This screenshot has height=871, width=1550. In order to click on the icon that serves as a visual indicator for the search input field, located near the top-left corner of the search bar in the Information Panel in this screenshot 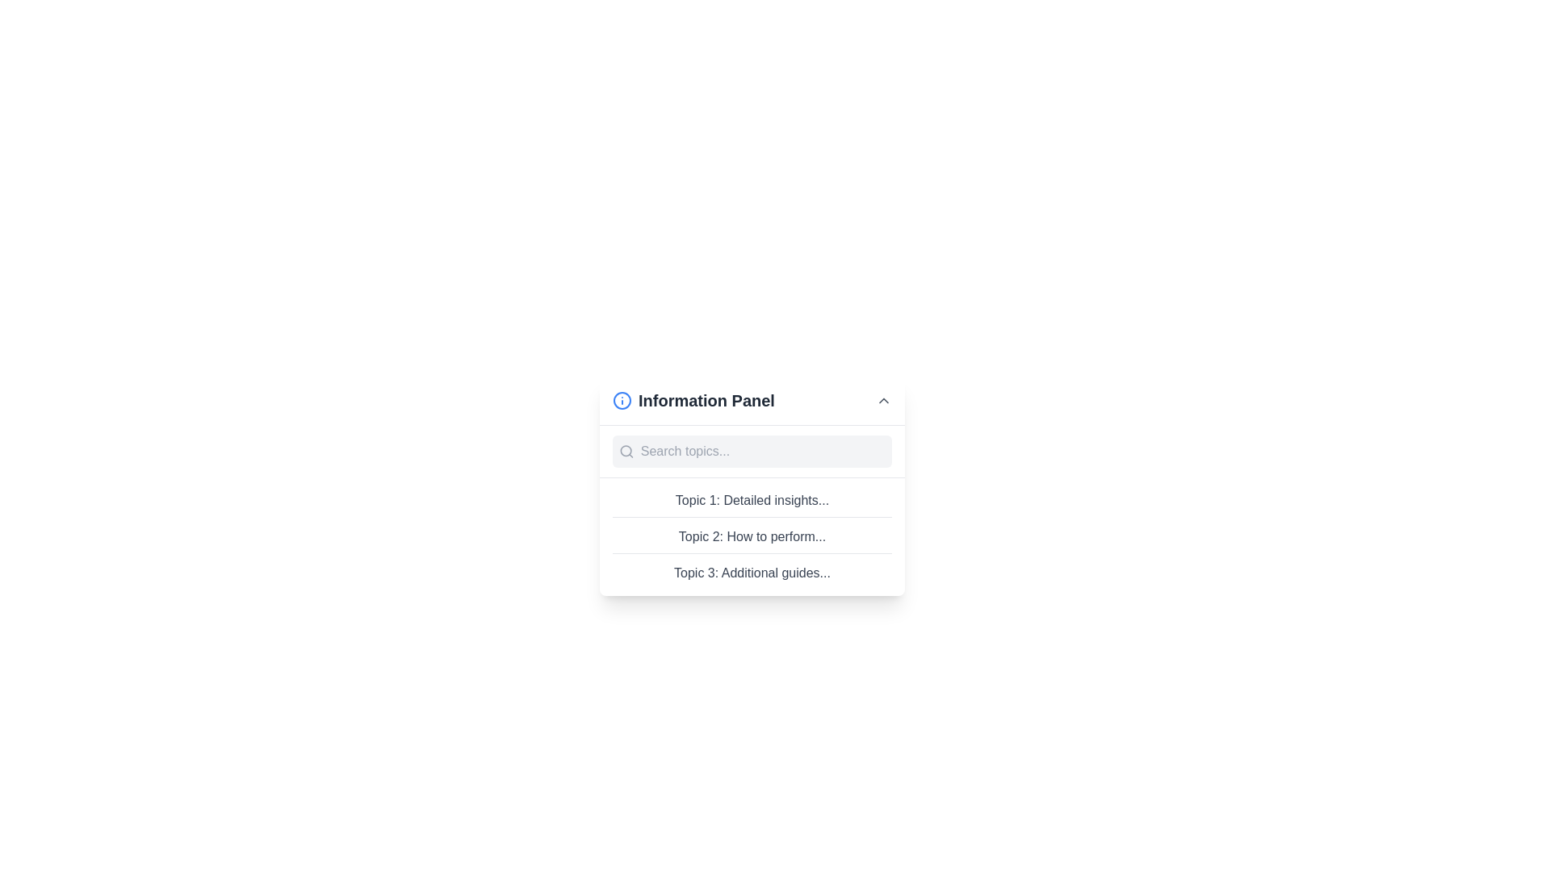, I will do `click(626, 451)`.